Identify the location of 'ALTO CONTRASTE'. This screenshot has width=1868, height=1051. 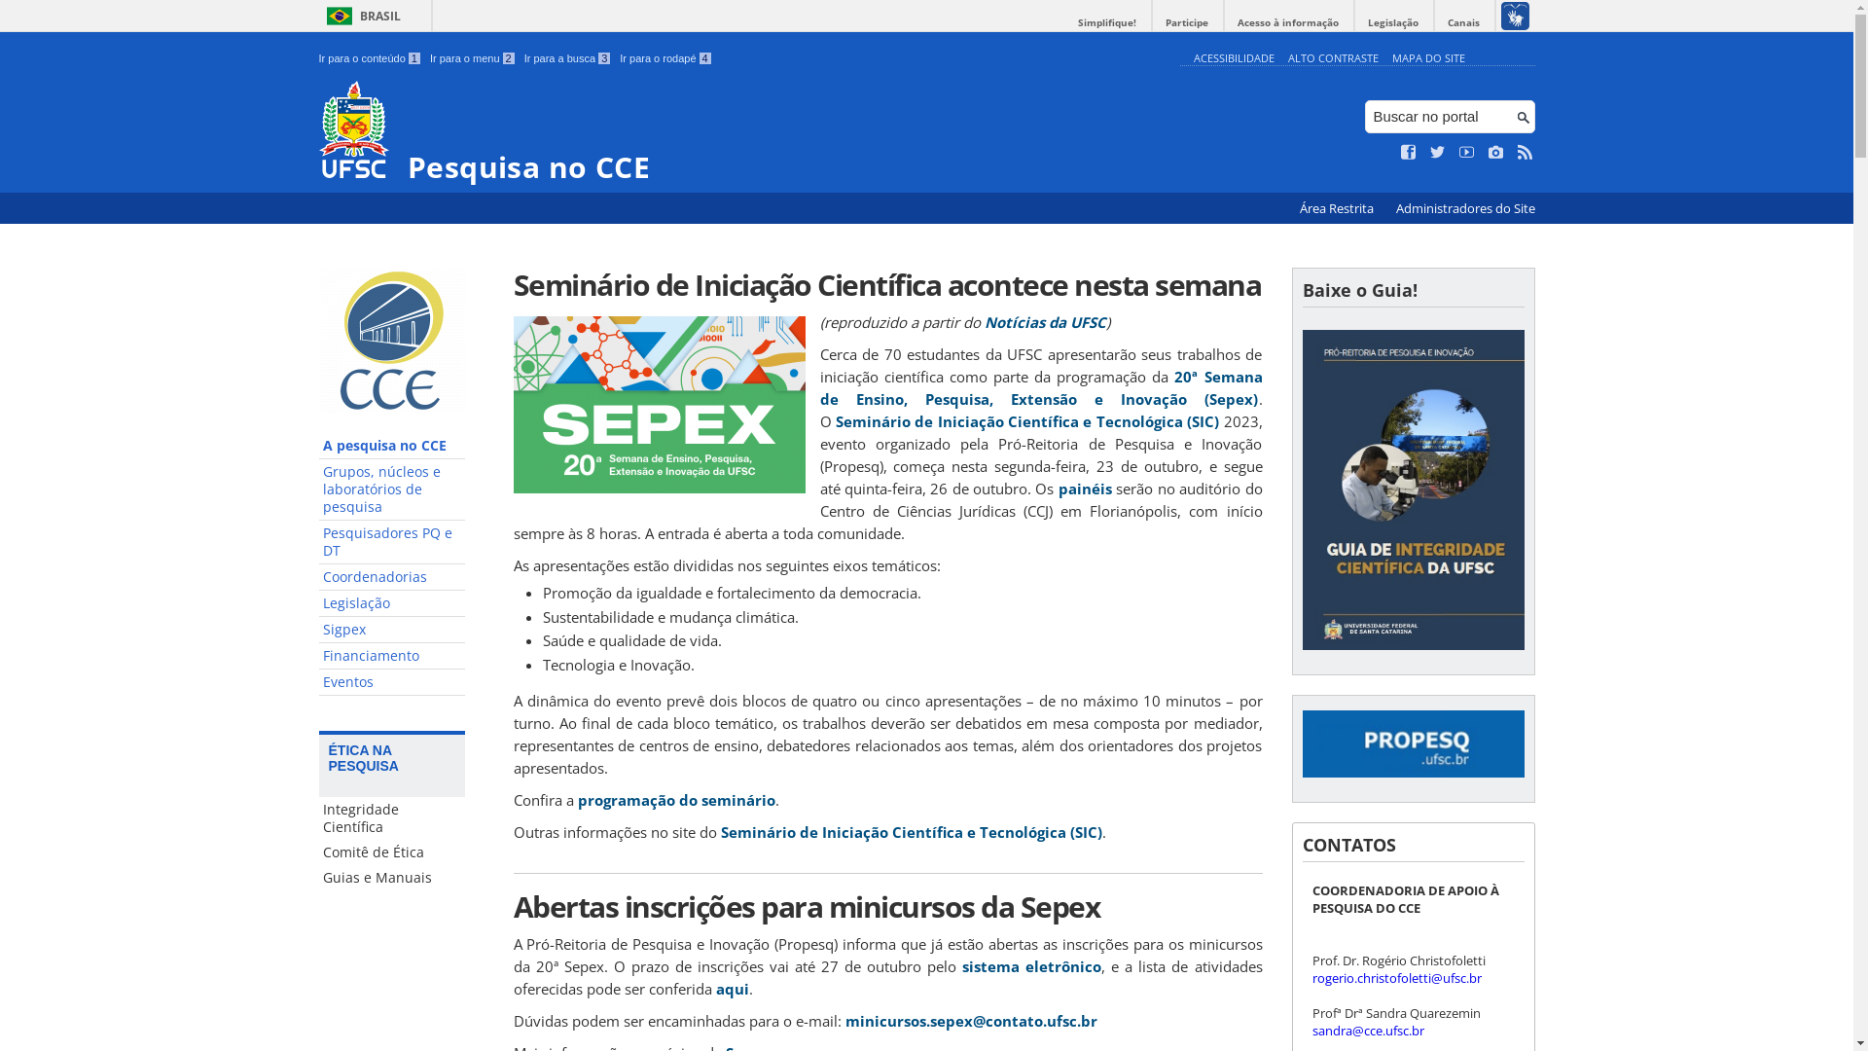
(1332, 56).